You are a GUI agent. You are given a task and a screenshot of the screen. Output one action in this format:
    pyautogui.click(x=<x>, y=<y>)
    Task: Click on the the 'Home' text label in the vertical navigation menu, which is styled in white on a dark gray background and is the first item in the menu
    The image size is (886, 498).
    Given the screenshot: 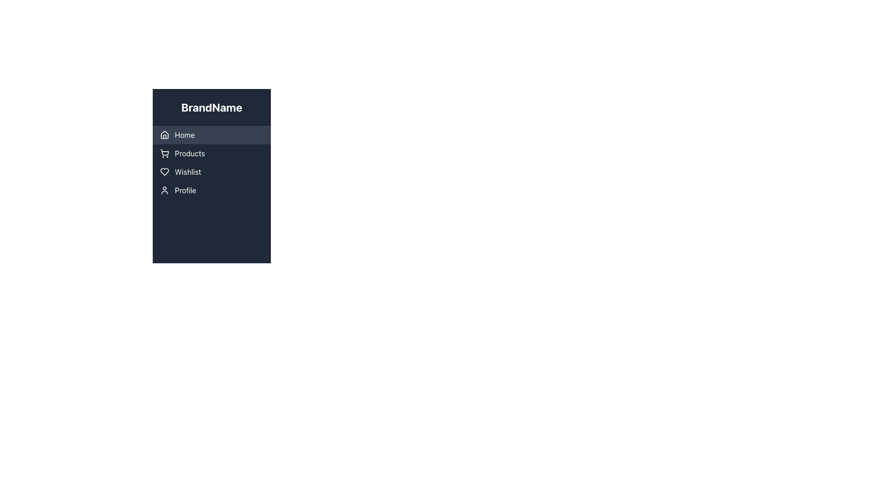 What is the action you would take?
    pyautogui.click(x=185, y=135)
    